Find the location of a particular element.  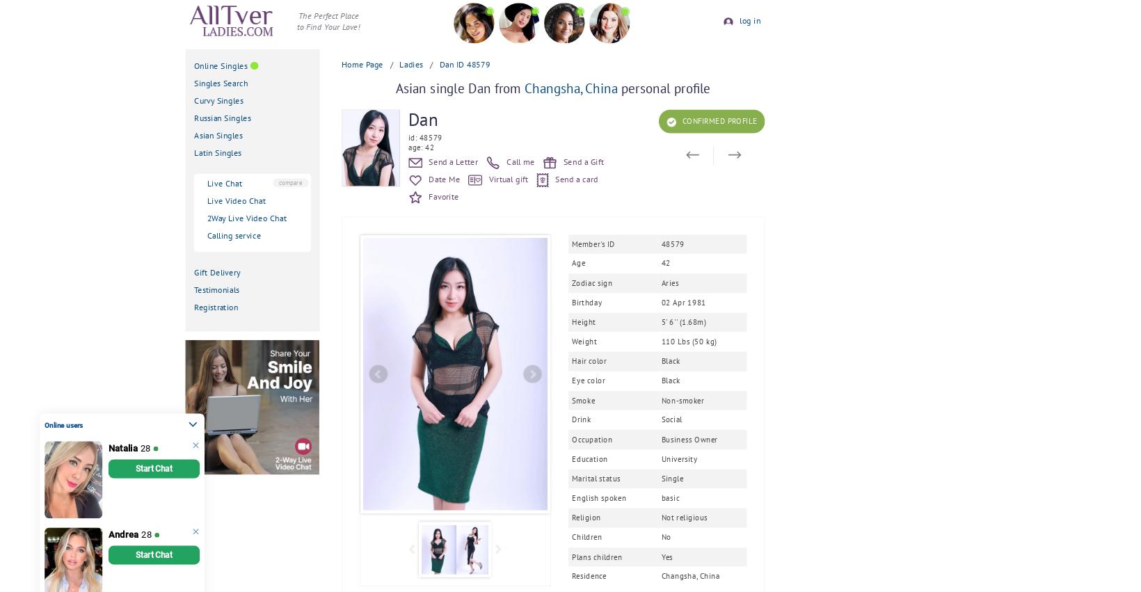

'Online users' is located at coordinates (63, 425).